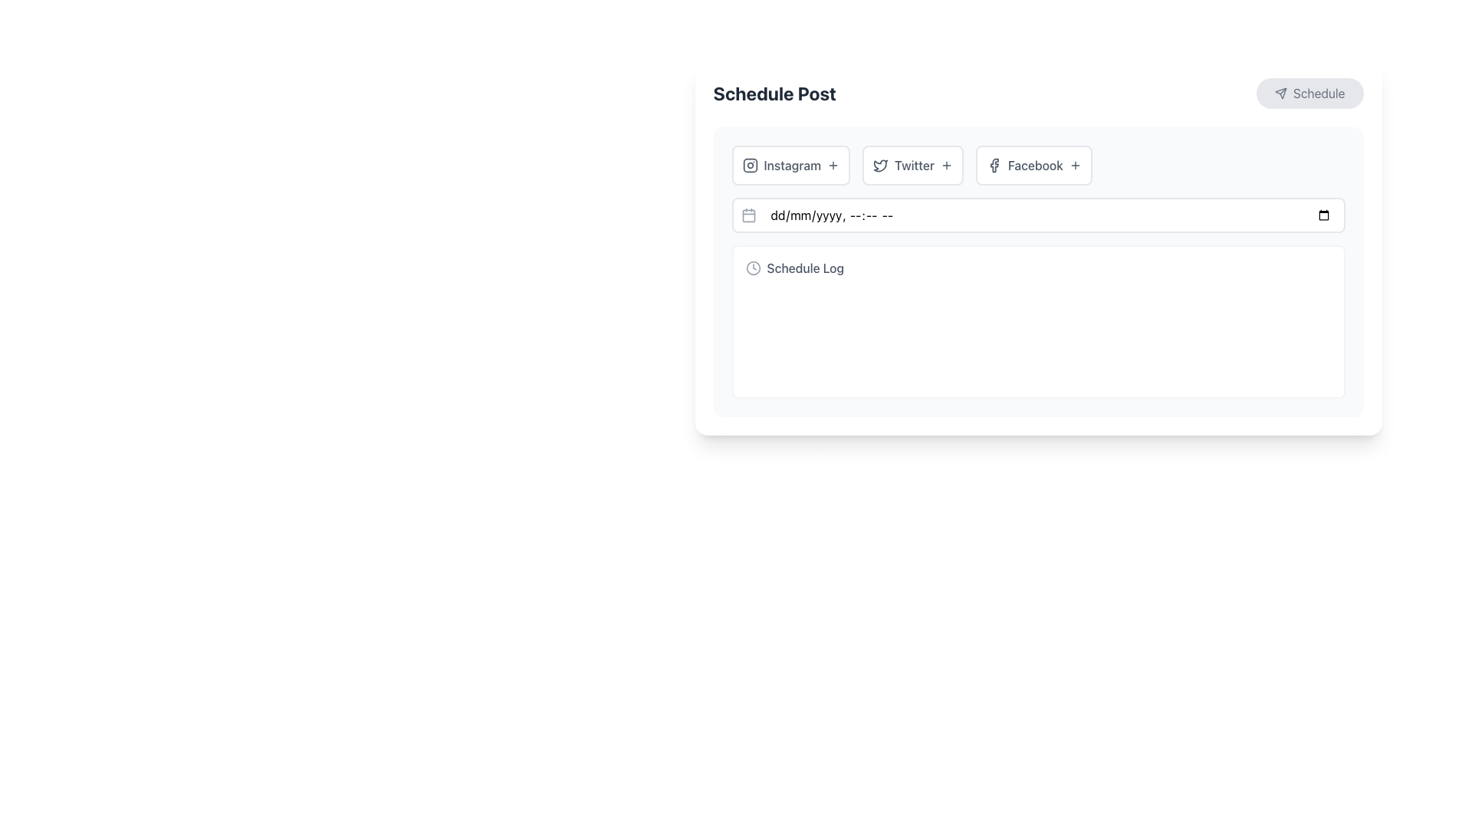 This screenshot has height=828, width=1472. Describe the element at coordinates (880, 166) in the screenshot. I see `the Twitter icon, which resembles a bird in flight, centrally located within the 'Twitter' button in the 'Schedule Post' interface` at that location.